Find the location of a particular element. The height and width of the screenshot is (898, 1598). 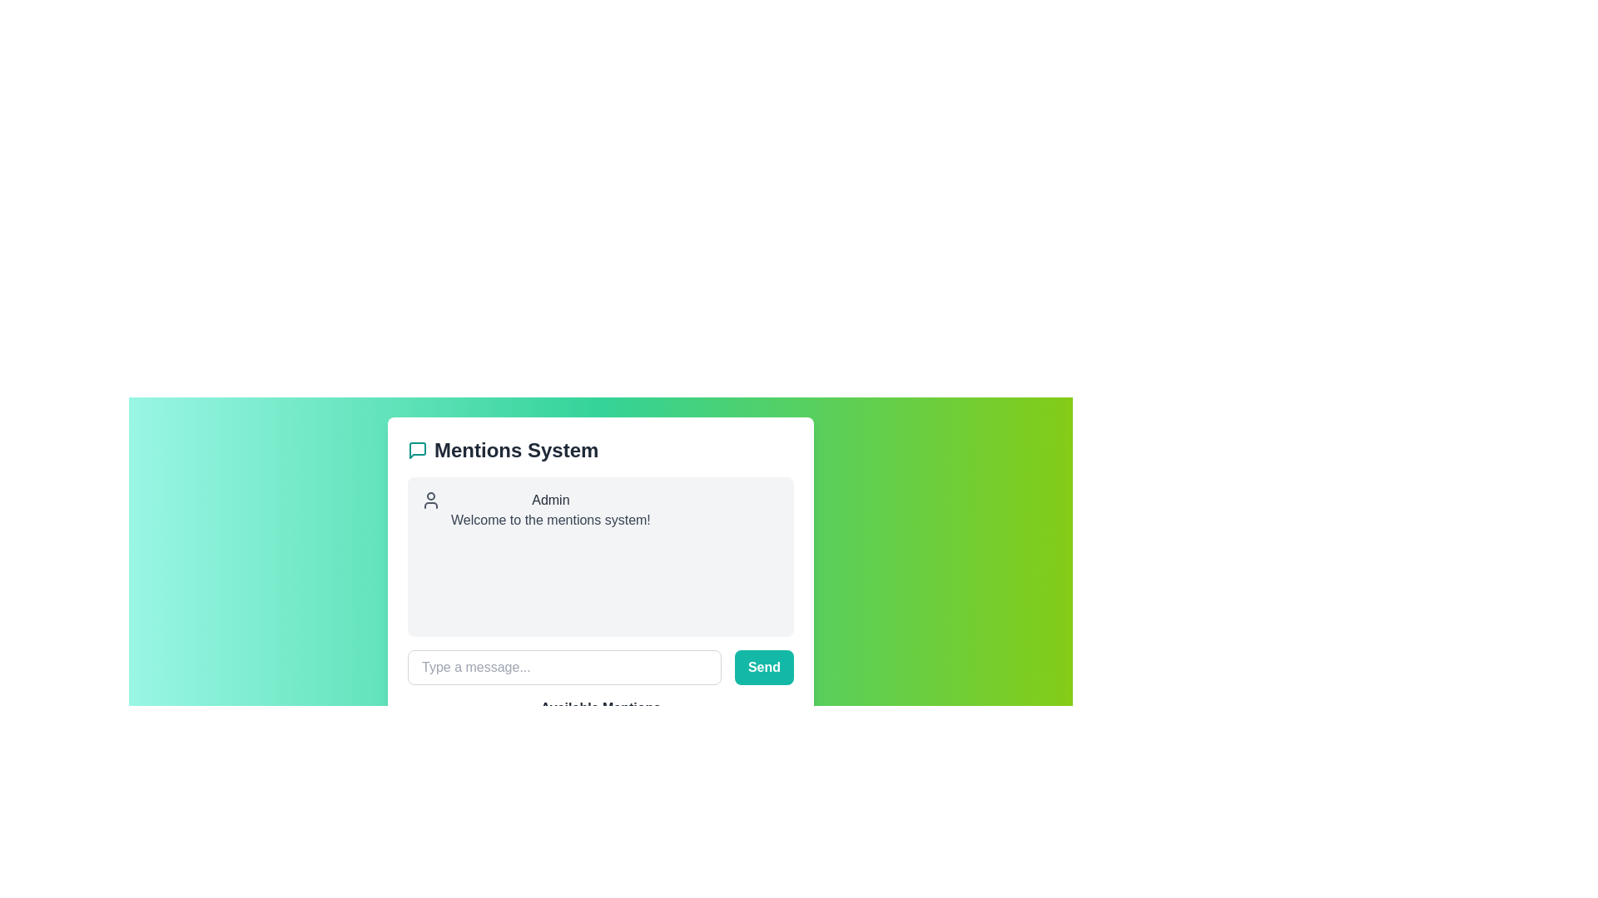

the 'Admin' text label, which is a bold, medium-sized dark gray label positioned at the top of the message panel is located at coordinates (550, 499).